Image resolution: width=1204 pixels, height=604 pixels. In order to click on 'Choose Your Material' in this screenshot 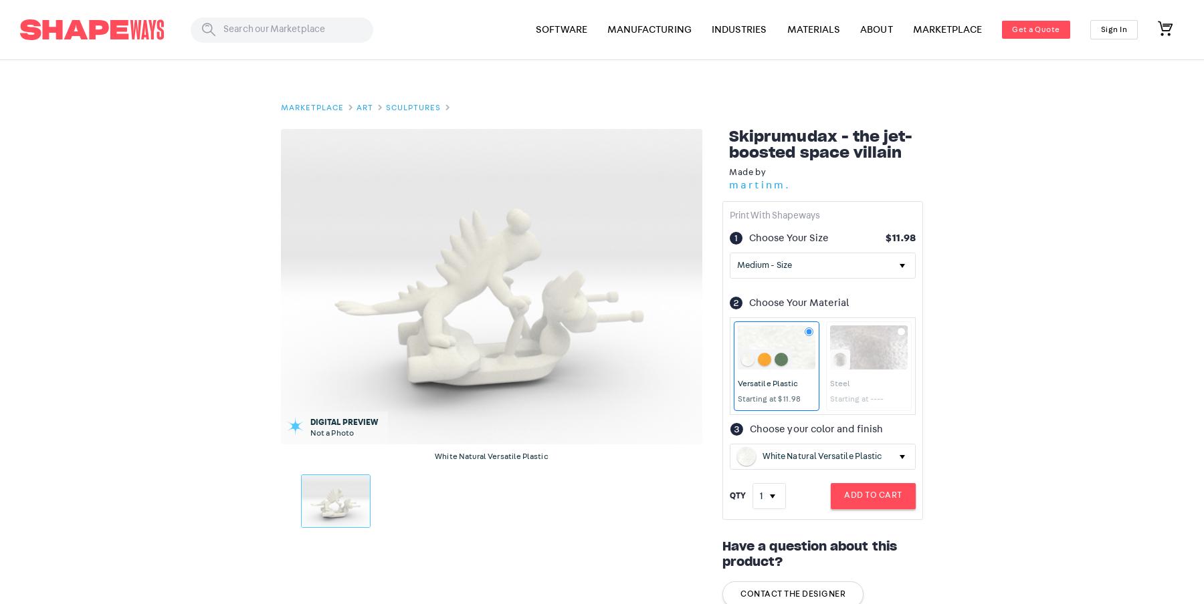, I will do `click(797, 302)`.